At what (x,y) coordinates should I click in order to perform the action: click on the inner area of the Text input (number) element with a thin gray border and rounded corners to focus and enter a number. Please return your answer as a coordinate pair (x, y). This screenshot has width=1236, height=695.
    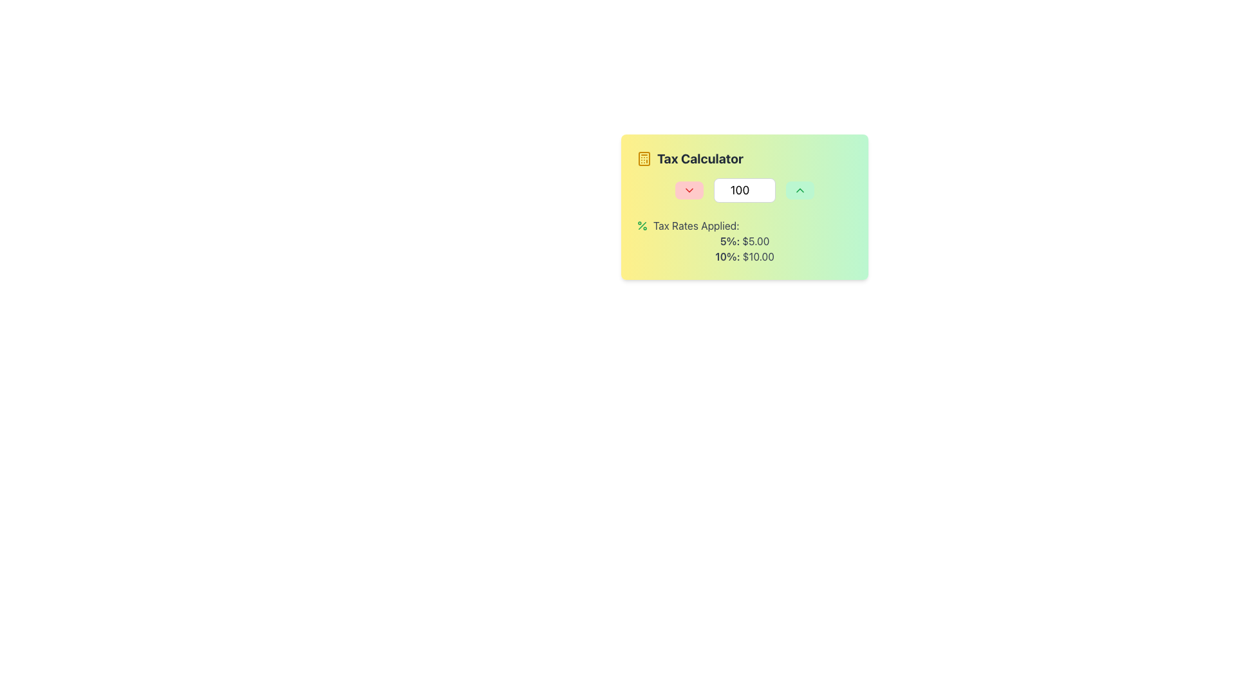
    Looking at the image, I should click on (744, 190).